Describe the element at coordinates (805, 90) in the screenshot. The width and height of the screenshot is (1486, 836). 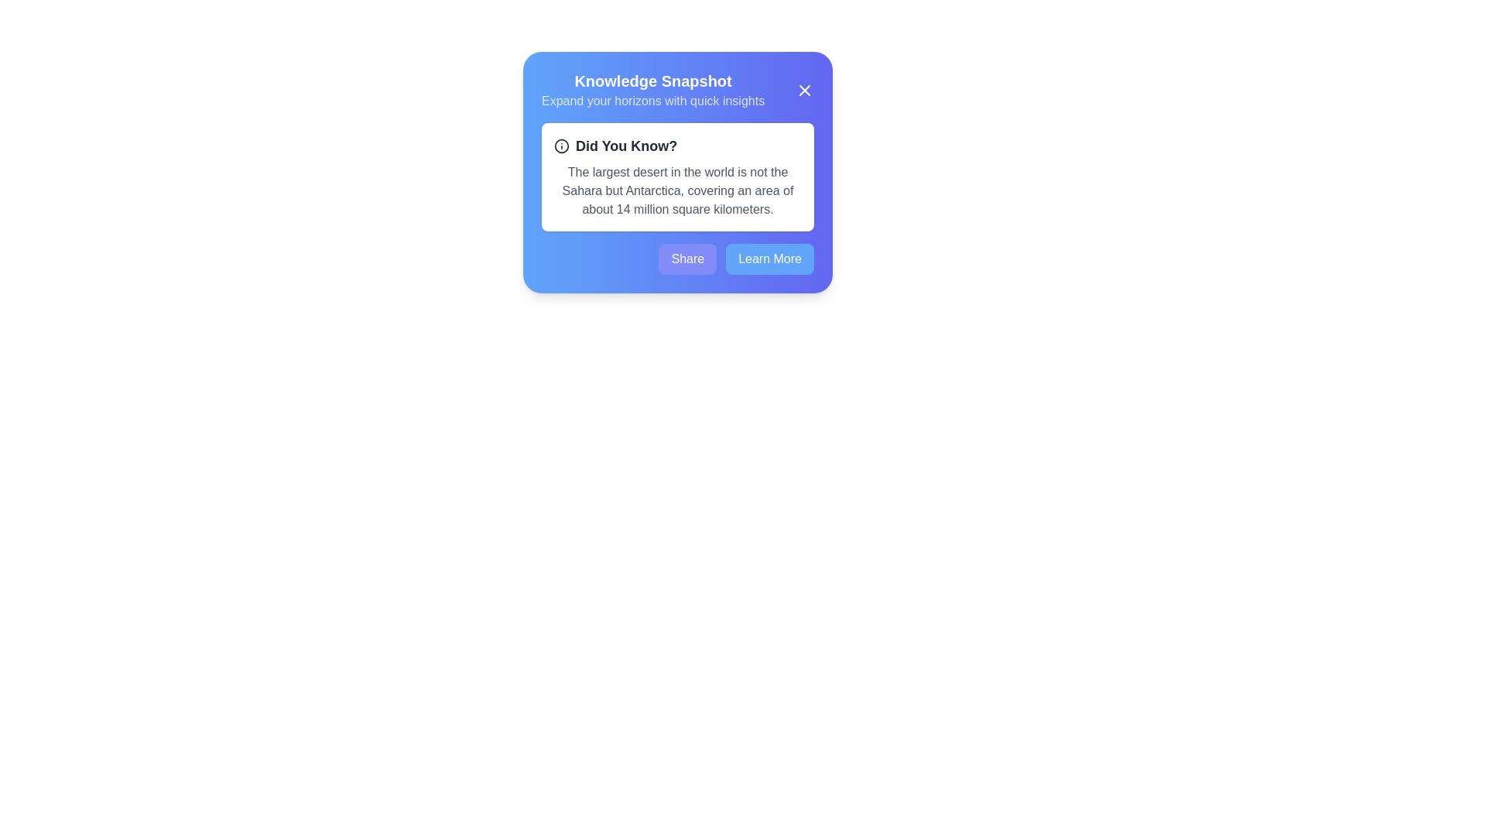
I see `the Close icon, which is a cross-shaped icon located in the top-right corner of the 'Knowledge Snapshot' card's header section` at that location.